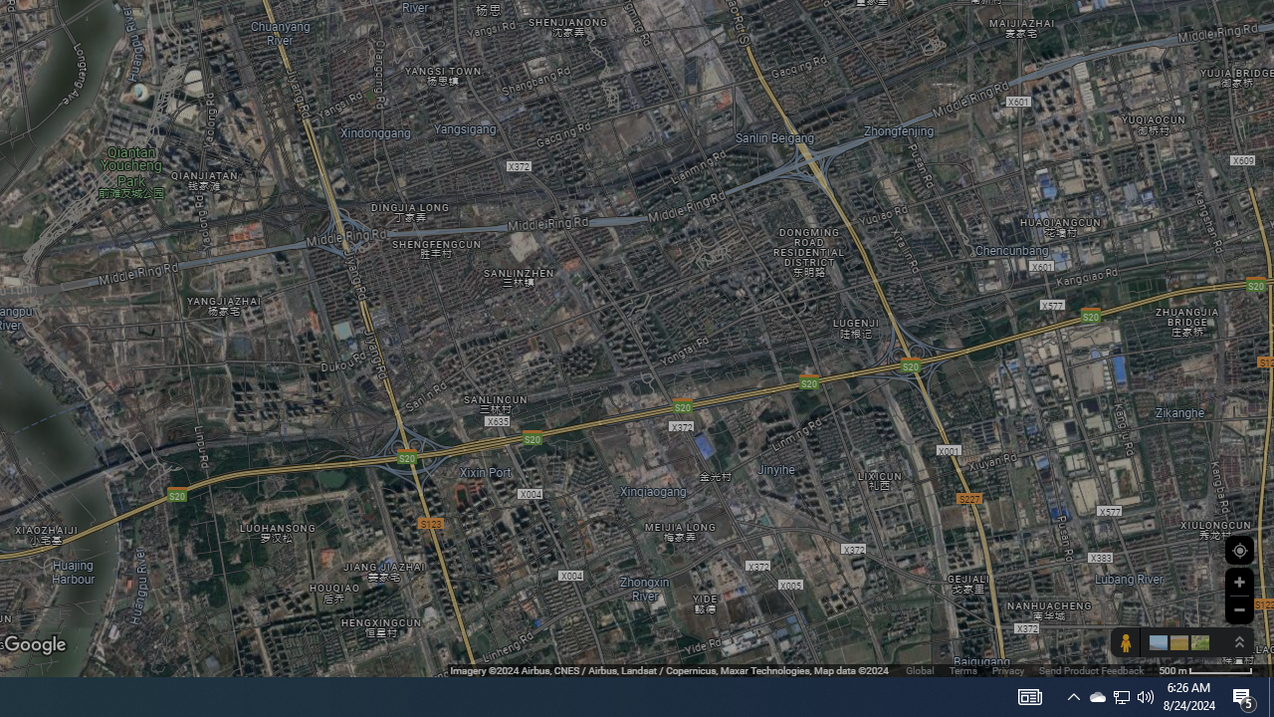 This screenshot has width=1274, height=717. I want to click on 'Show imagery', so click(1196, 642).